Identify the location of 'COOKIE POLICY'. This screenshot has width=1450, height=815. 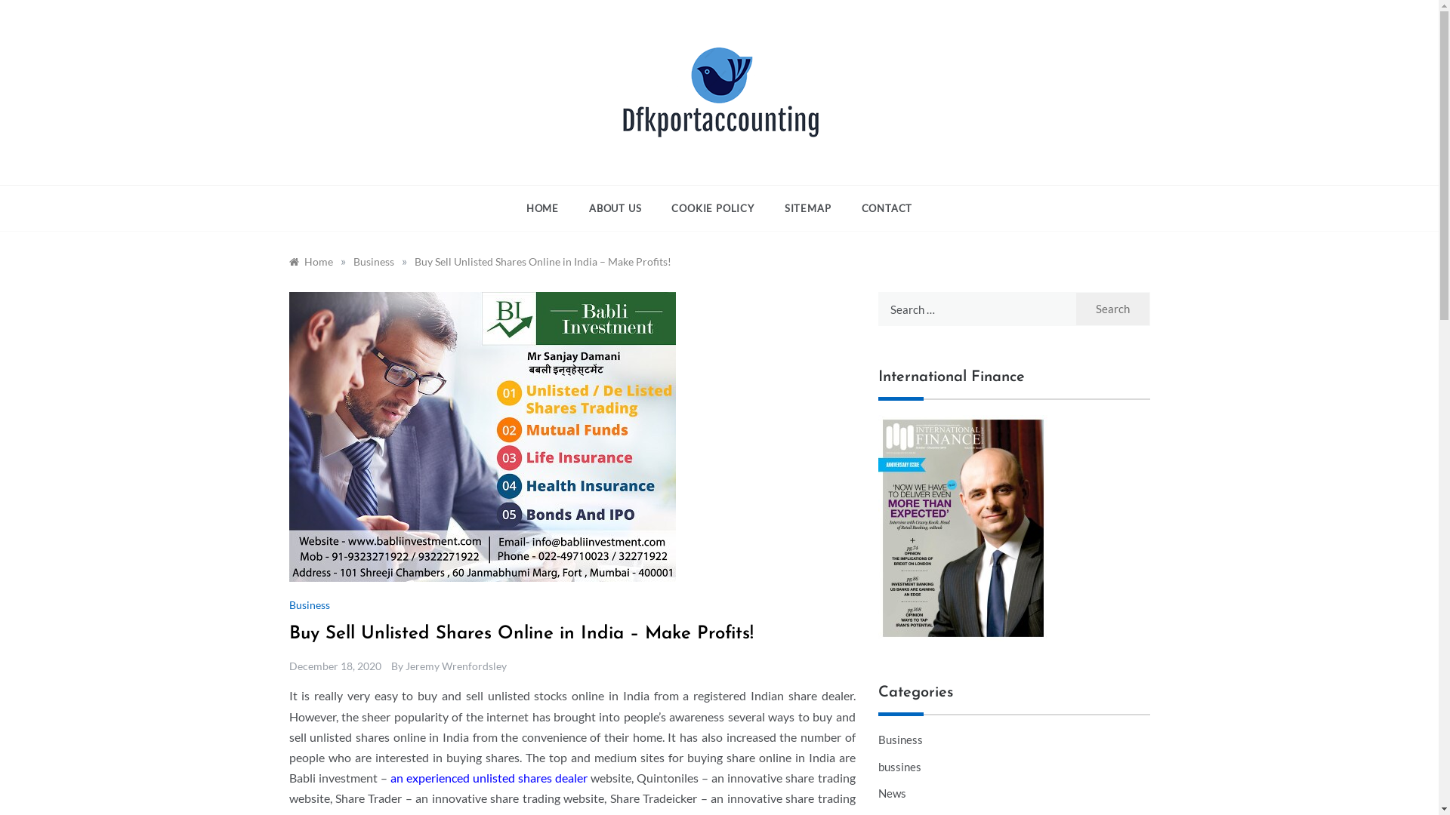
(711, 208).